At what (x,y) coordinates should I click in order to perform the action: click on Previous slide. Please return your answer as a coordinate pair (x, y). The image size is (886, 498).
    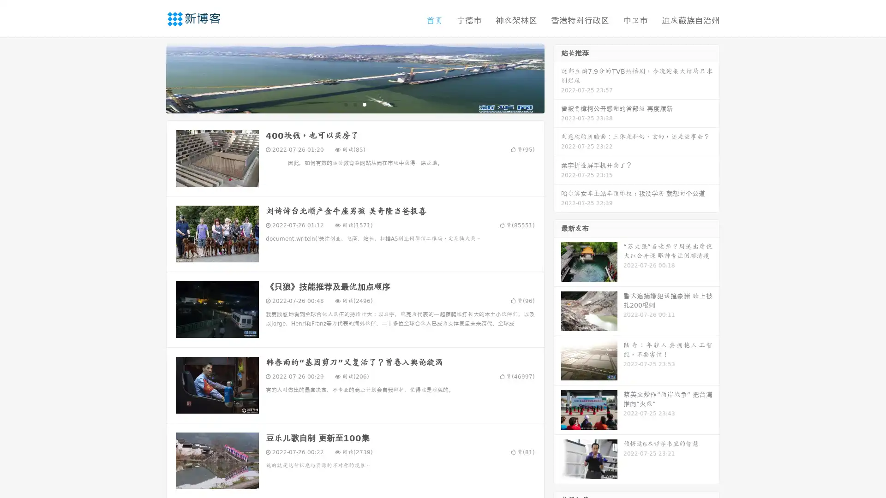
    Looking at the image, I should click on (152, 77).